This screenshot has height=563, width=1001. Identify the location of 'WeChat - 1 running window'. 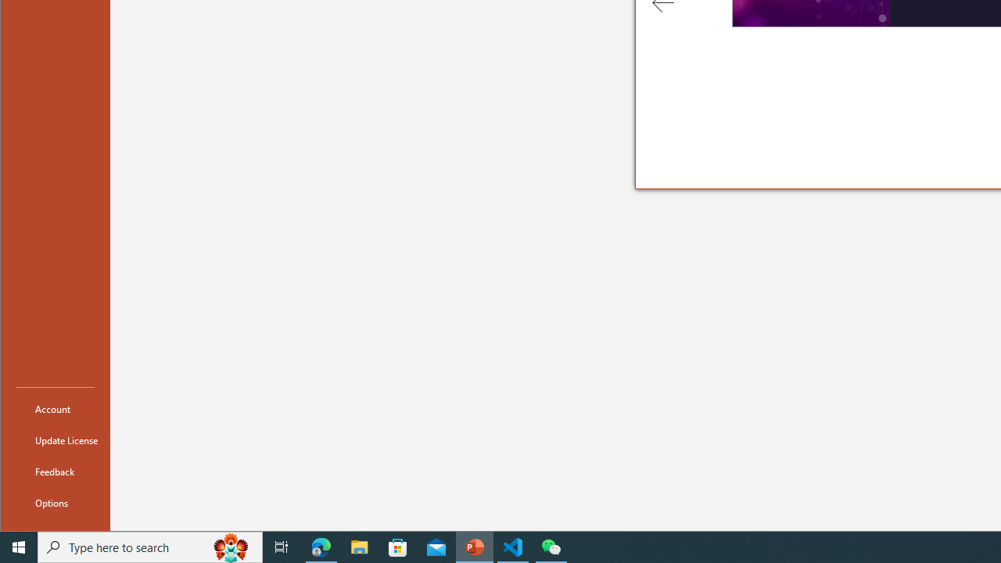
(551, 546).